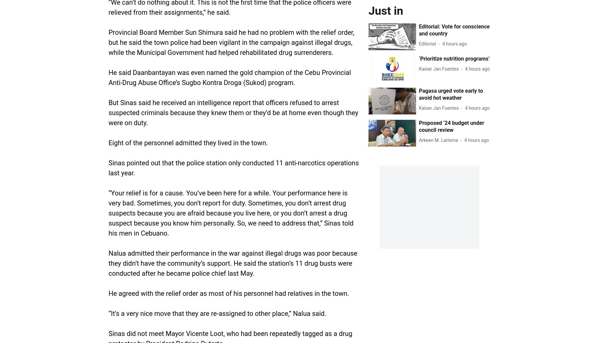  What do you see at coordinates (108, 42) in the screenshot?
I see `'Provincial Board Member Sun Shimura said he had no problem with the relief order, but he said the town police had been vigilant in the campaign against illegal drugs, while the Municipal Government had helped rehabilitated drug surrenderers.'` at bounding box center [108, 42].